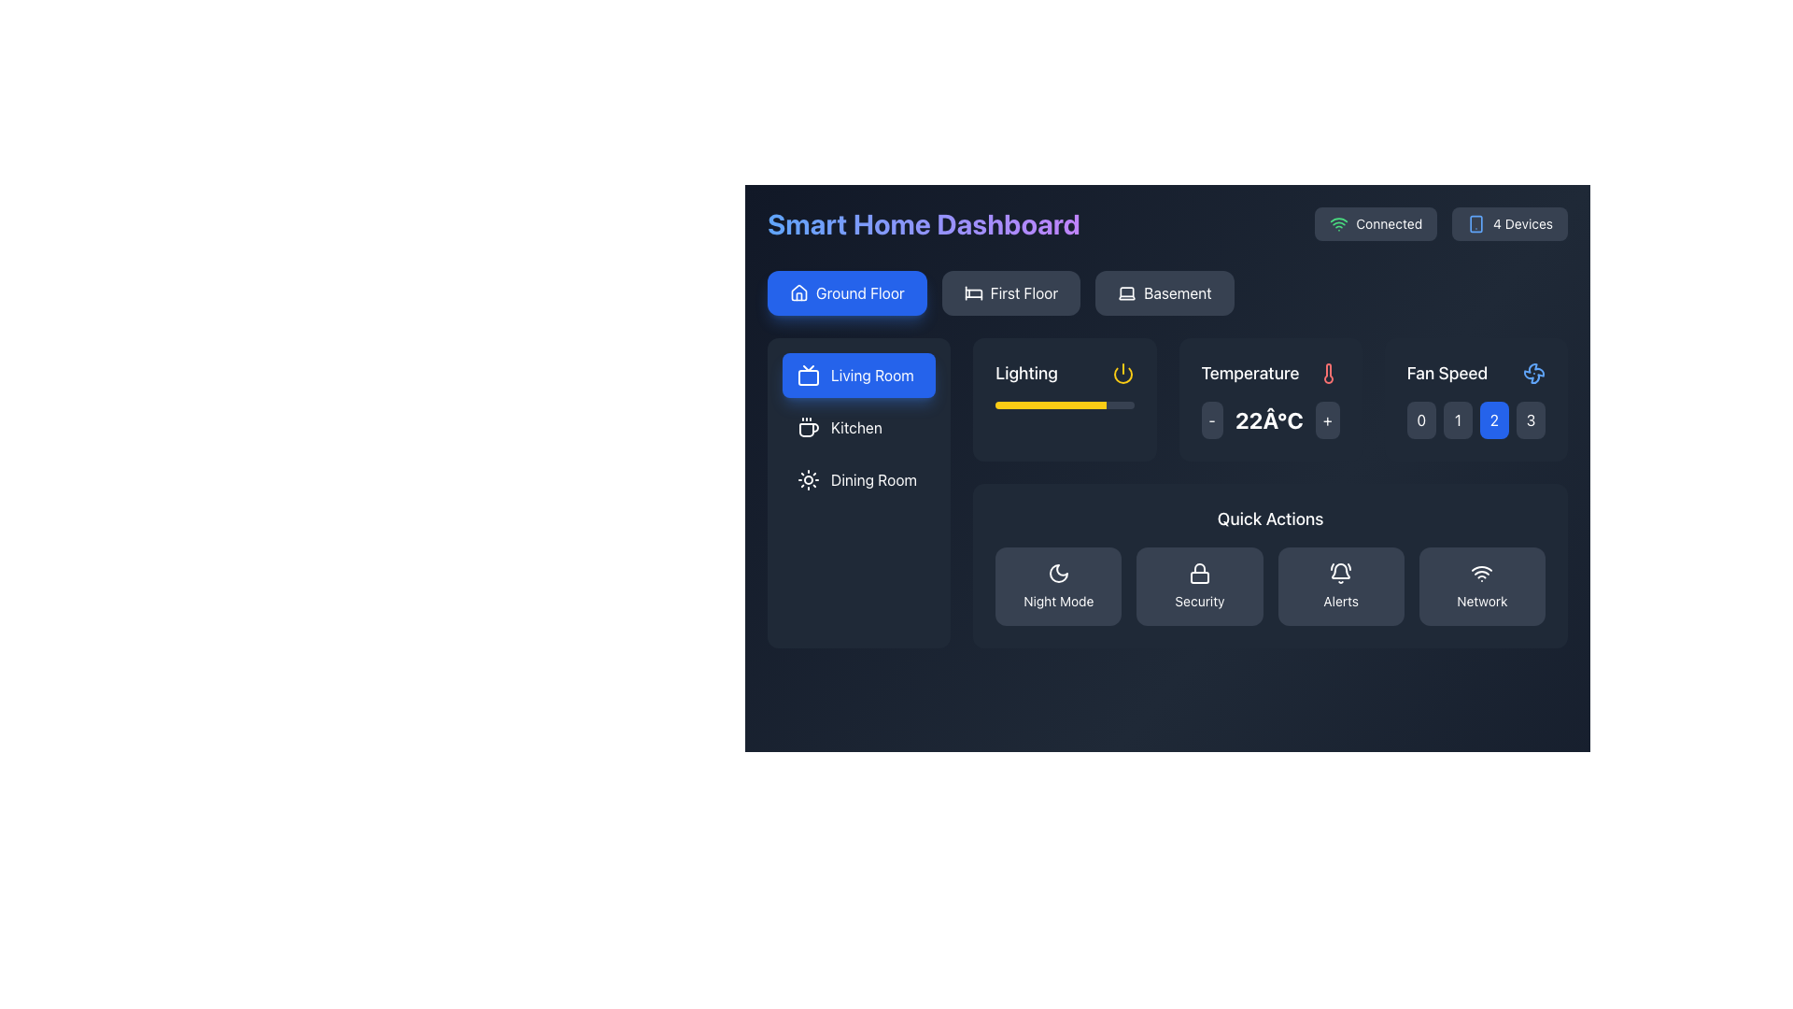 Image resolution: width=1793 pixels, height=1009 pixels. What do you see at coordinates (1340, 586) in the screenshot?
I see `the alerts button located in the 'Quick Actions' grid layout` at bounding box center [1340, 586].